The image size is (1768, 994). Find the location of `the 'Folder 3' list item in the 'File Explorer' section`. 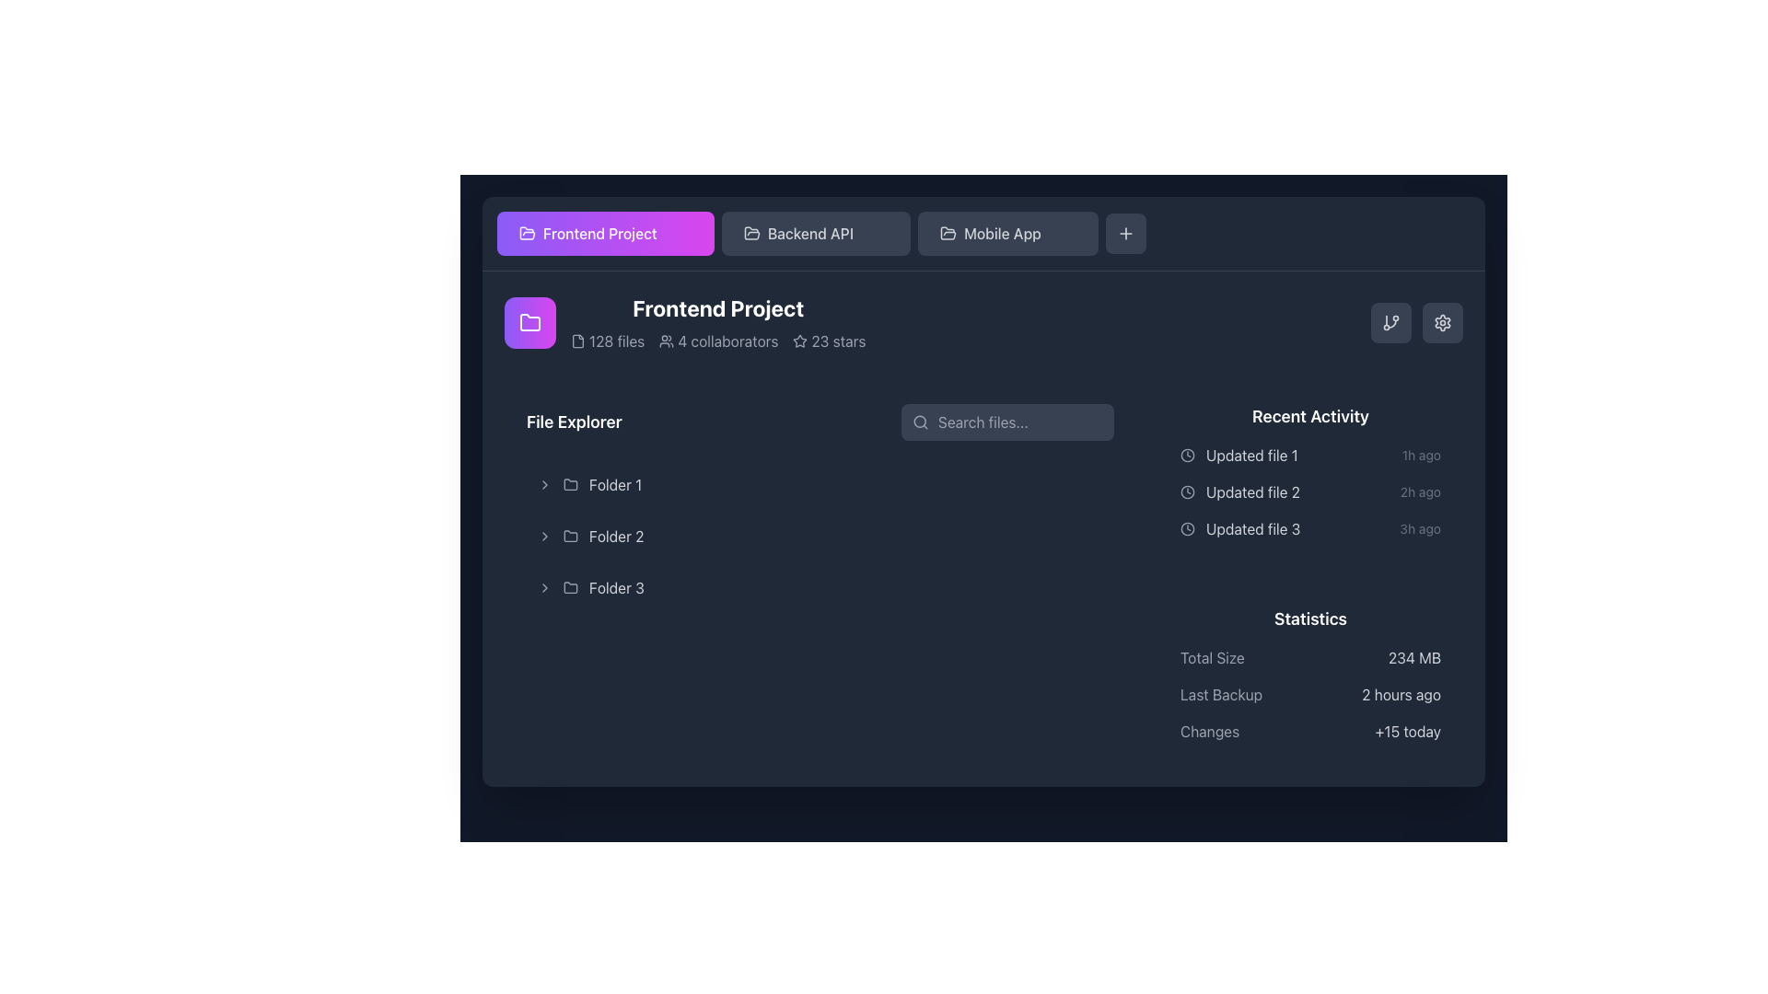

the 'Folder 3' list item in the 'File Explorer' section is located at coordinates (820, 588).